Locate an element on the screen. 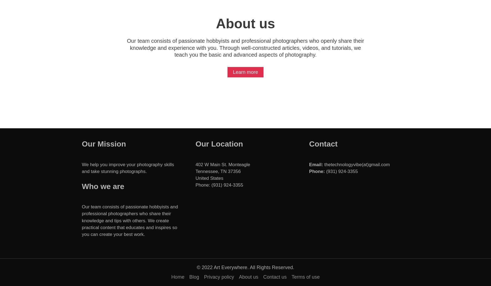  'Our team consists of passionate hobbyists and professional photographers who openly share their knowledge and experience with you. Through well-constructed articles, videos, and tutorials, we teach you the basic and advanced aspects of photography.' is located at coordinates (126, 48).